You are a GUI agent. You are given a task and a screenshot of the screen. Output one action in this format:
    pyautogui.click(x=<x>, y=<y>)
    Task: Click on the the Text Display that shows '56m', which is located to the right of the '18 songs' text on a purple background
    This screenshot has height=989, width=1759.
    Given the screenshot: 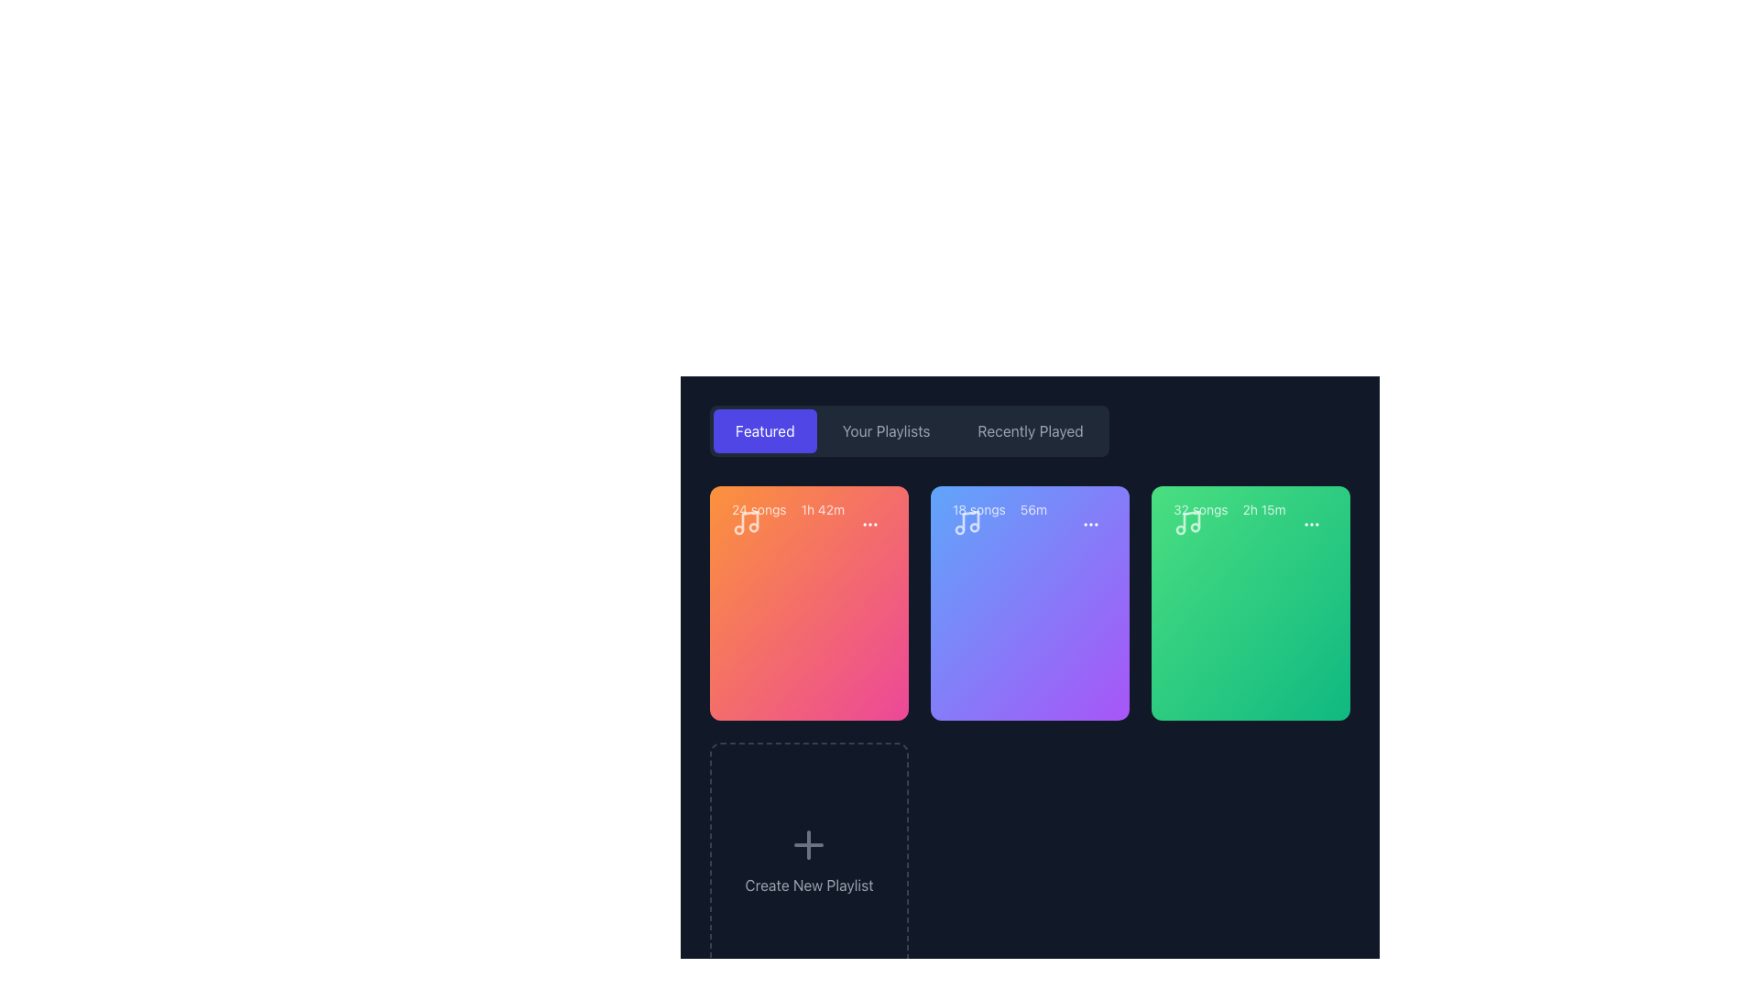 What is the action you would take?
    pyautogui.click(x=1033, y=509)
    